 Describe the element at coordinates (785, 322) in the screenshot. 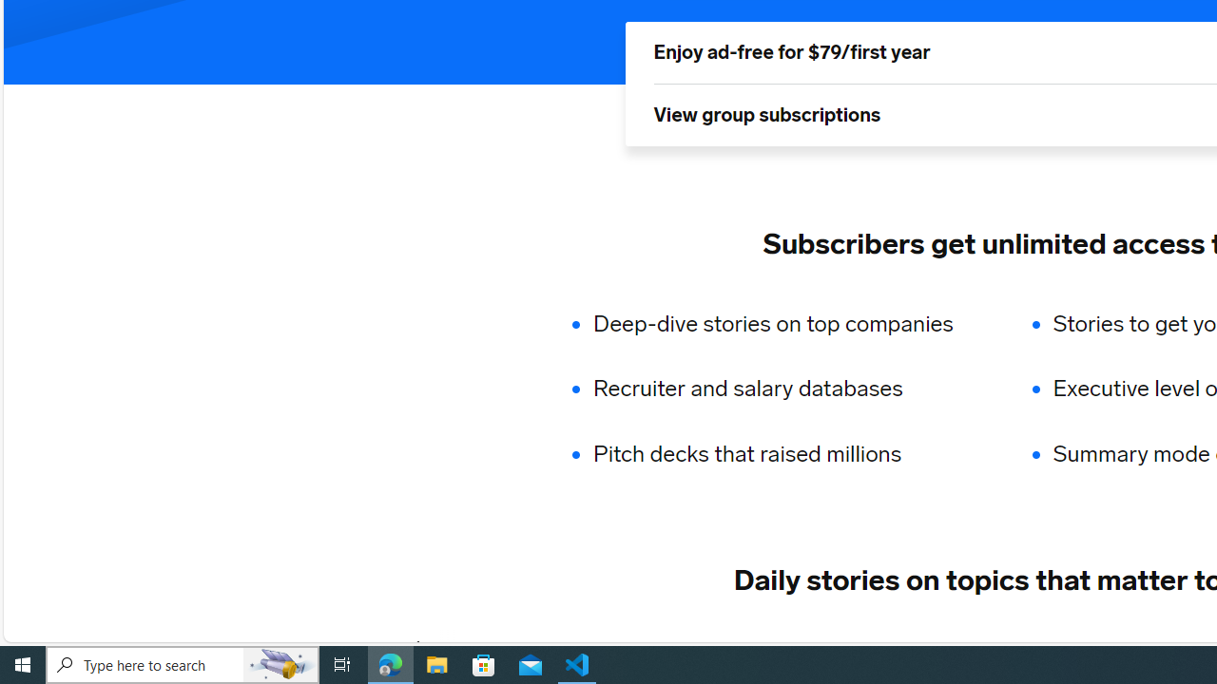

I see `'Deep-dive stories on top companies'` at that location.